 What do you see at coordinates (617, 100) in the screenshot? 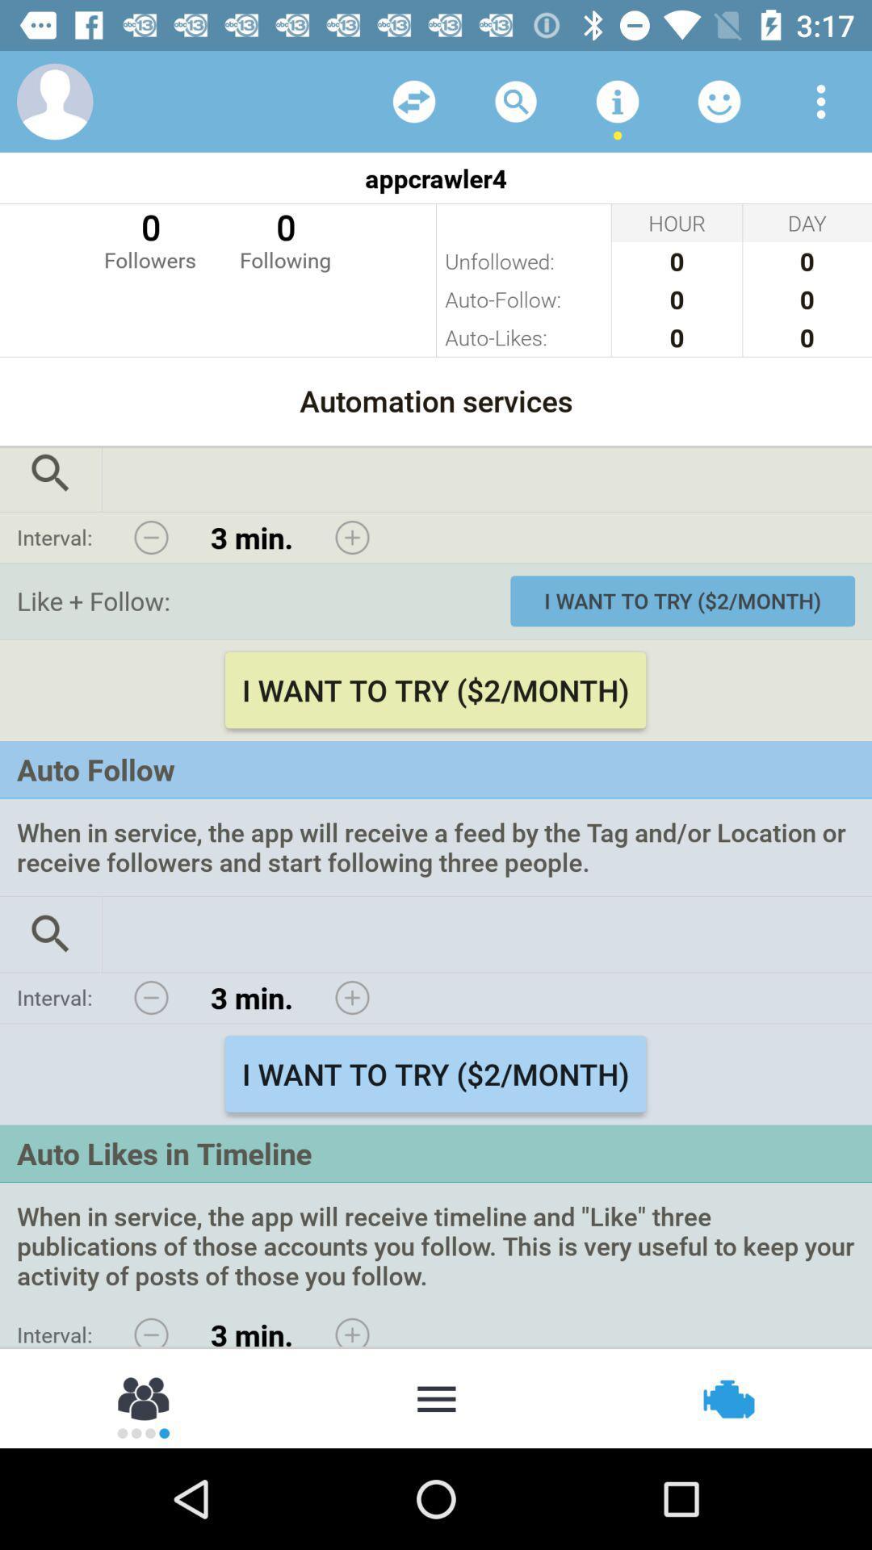
I see `the icon above the appcrawler4 item` at bounding box center [617, 100].